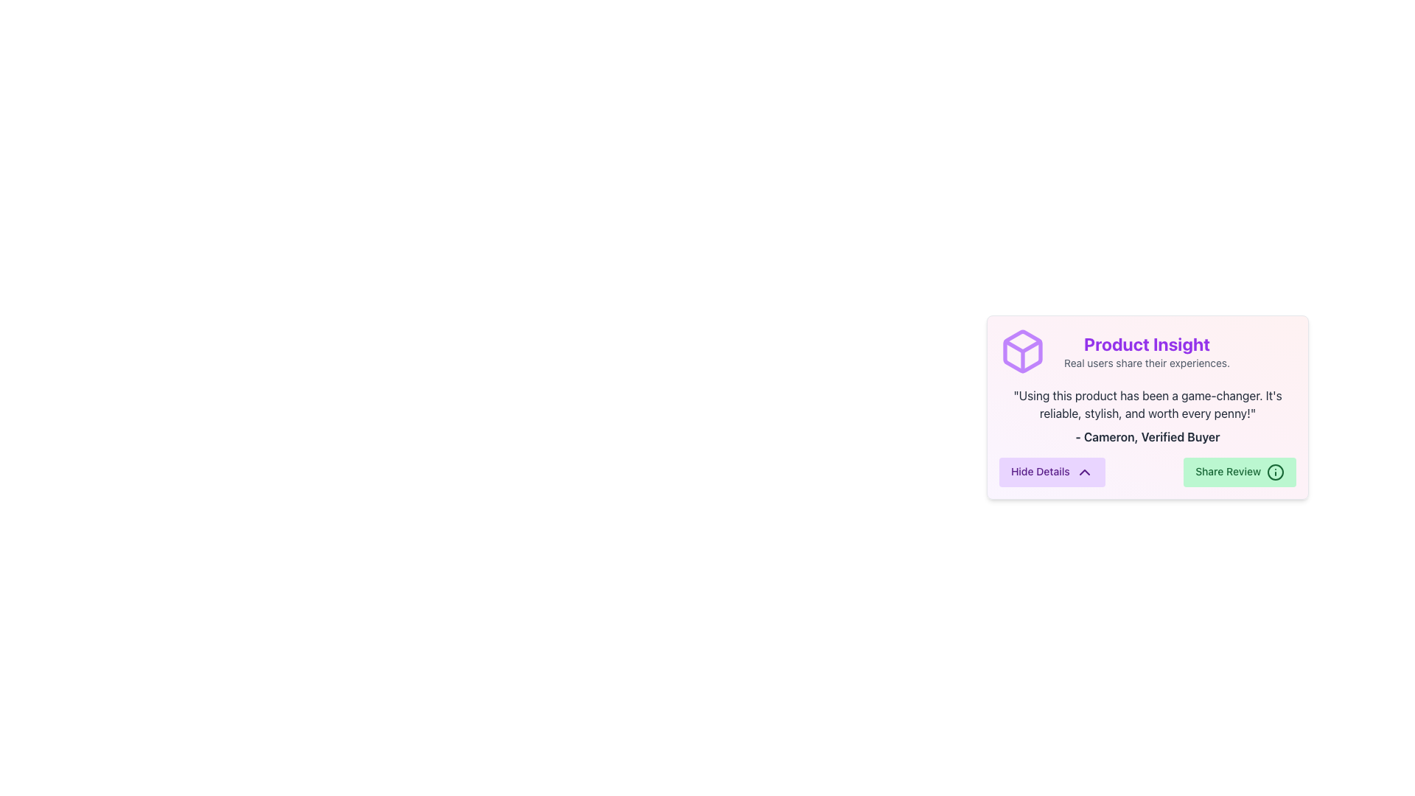 This screenshot has height=796, width=1415. I want to click on the 'Hide Details' button, which features medium purple text on a light purple background and an upward arrow icon, located at the bottom left of the 'Product Insight' grouping box, so click(1051, 472).